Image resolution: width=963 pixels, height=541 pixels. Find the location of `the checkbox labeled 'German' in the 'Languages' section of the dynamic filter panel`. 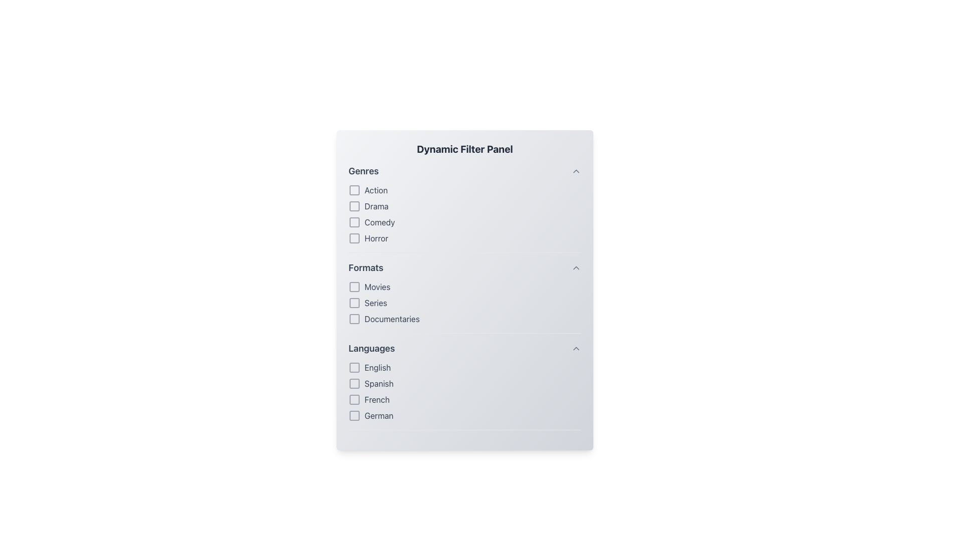

the checkbox labeled 'German' in the 'Languages' section of the dynamic filter panel is located at coordinates (354, 415).